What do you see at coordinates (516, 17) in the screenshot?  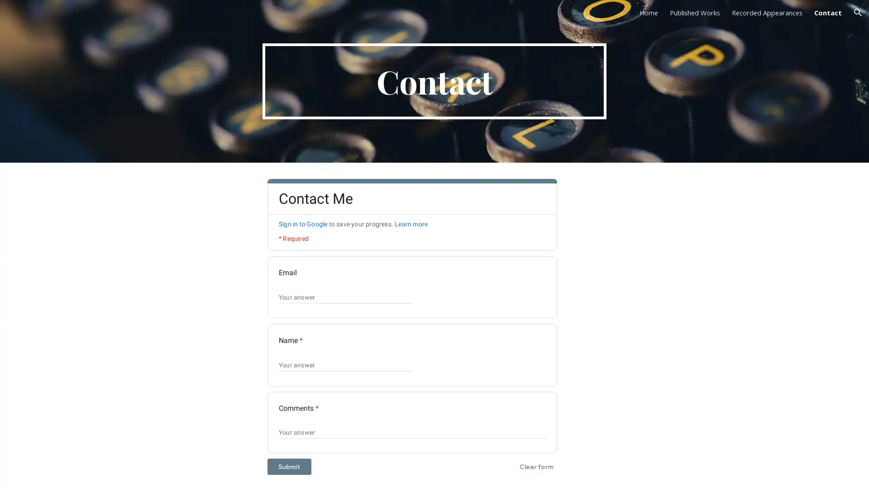 I see `Skip to navigation` at bounding box center [516, 17].